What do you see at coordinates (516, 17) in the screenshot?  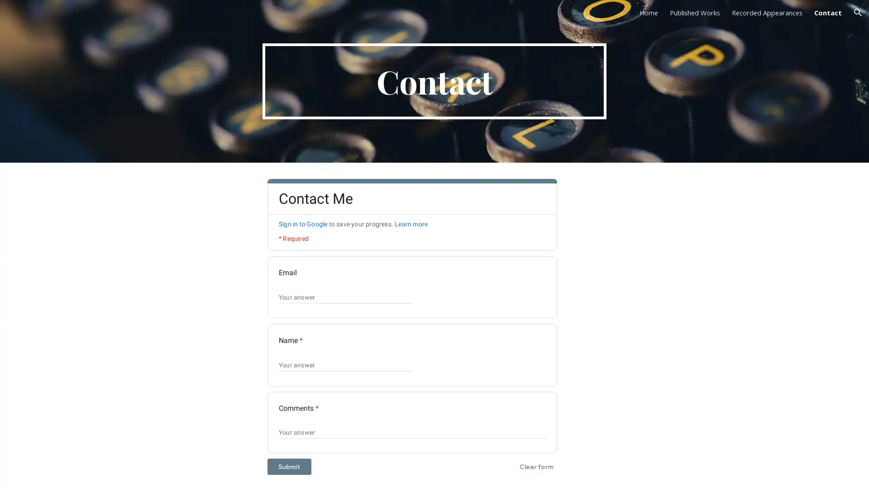 I see `Skip to navigation` at bounding box center [516, 17].